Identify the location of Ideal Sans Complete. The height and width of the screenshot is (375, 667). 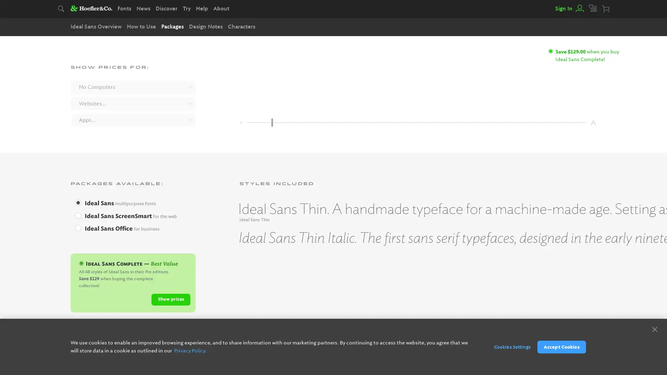
(81, 263).